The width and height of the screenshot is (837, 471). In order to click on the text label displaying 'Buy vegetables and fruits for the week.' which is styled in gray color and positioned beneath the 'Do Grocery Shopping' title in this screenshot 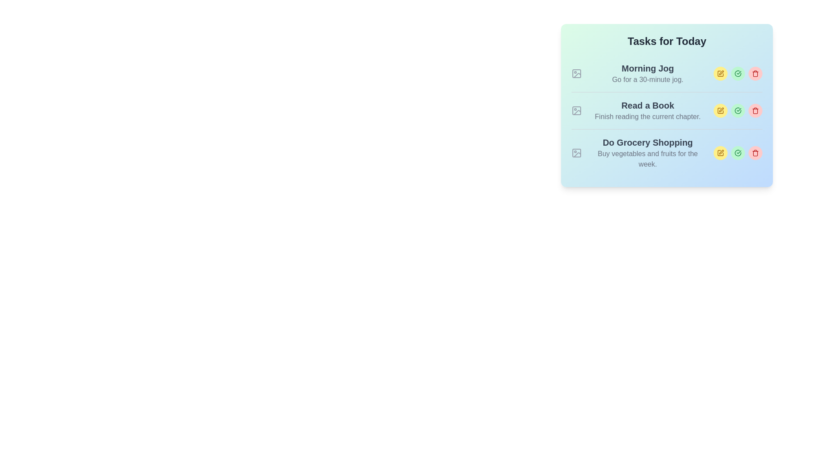, I will do `click(648, 159)`.